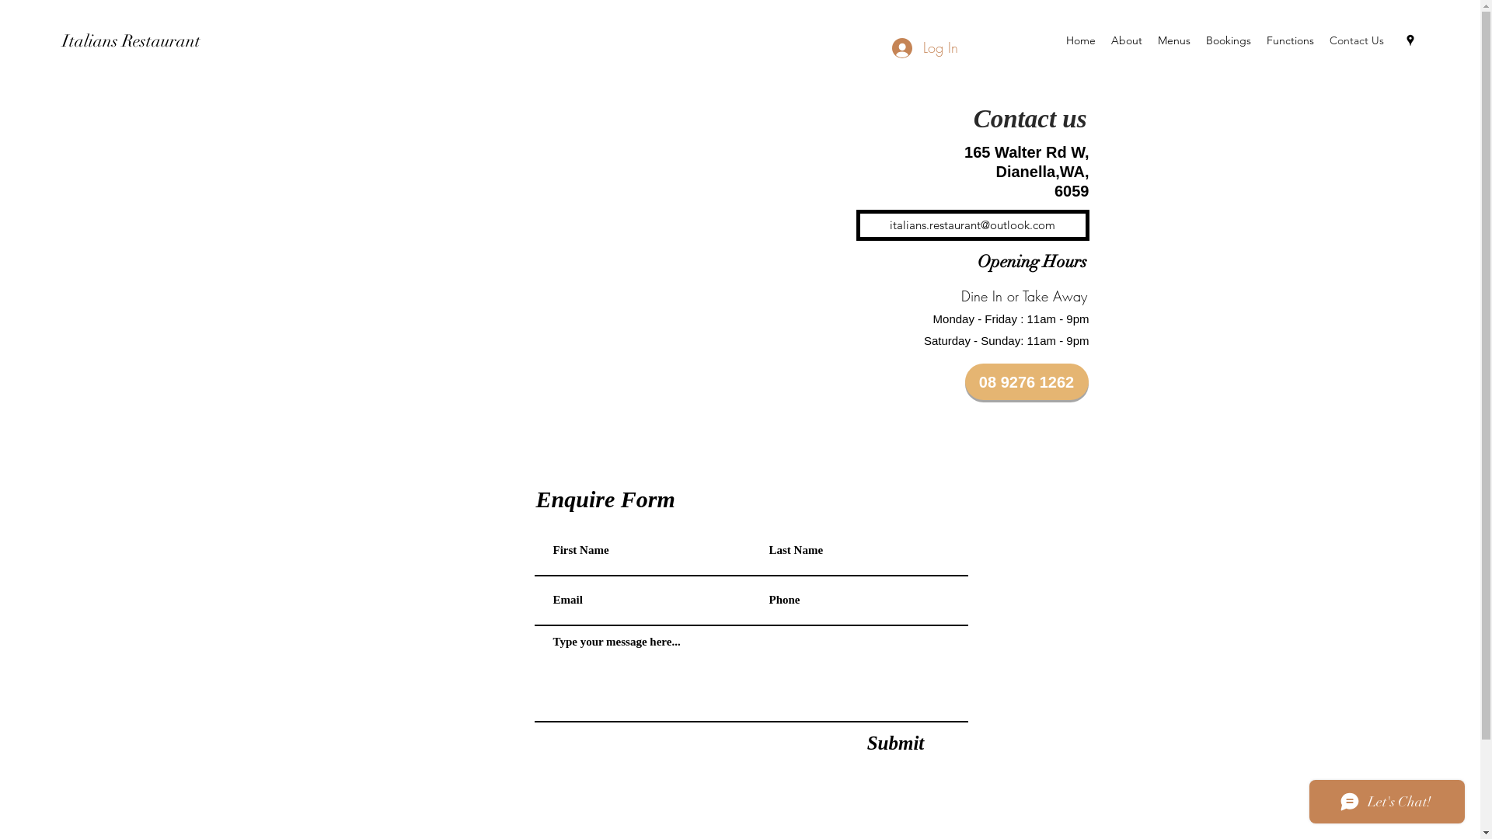  Describe the element at coordinates (1027, 381) in the screenshot. I see `'08 9276 1262'` at that location.